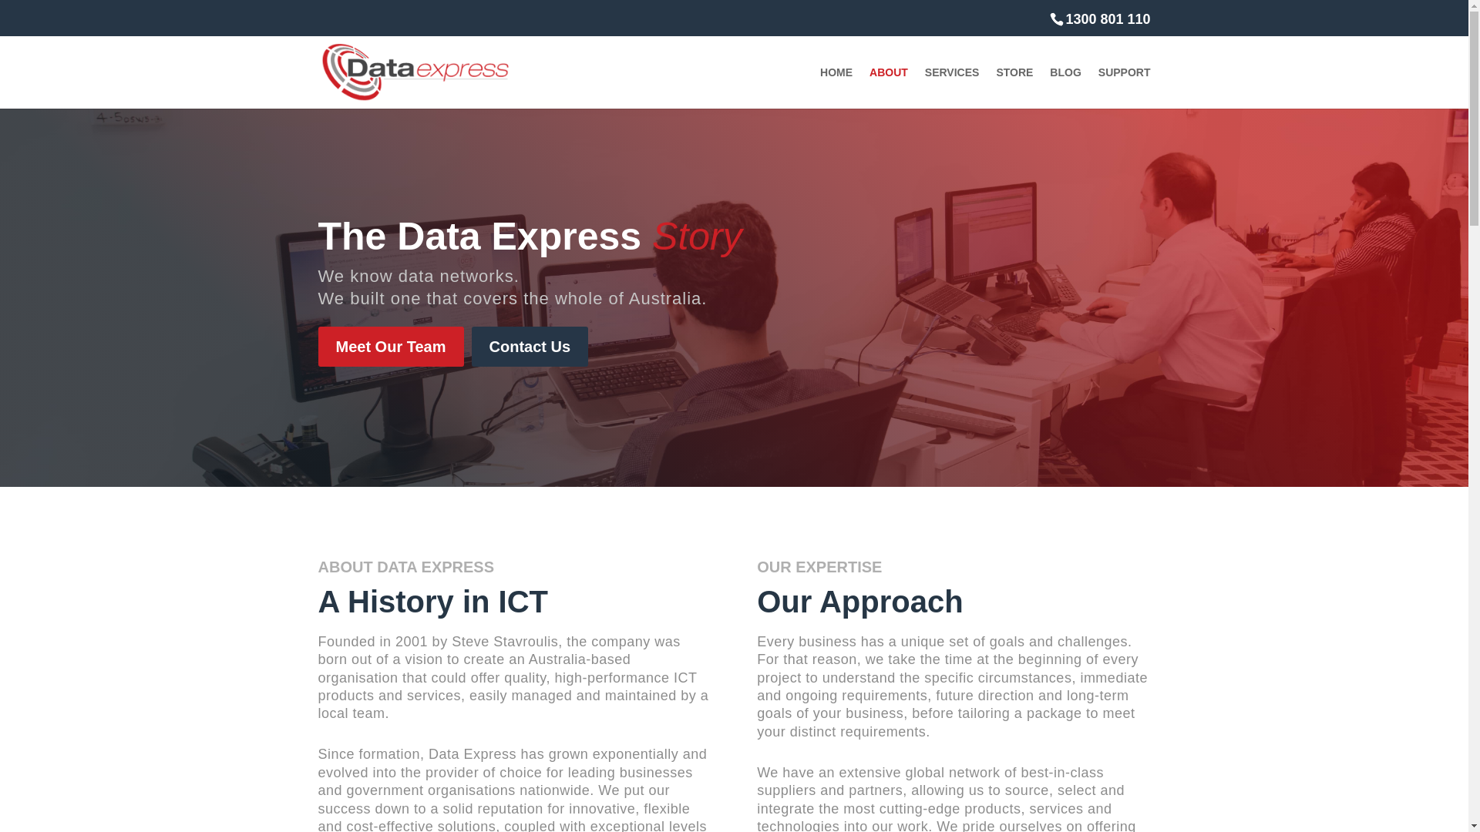 Image resolution: width=1480 pixels, height=832 pixels. I want to click on 'SUPPORT', so click(1098, 88).